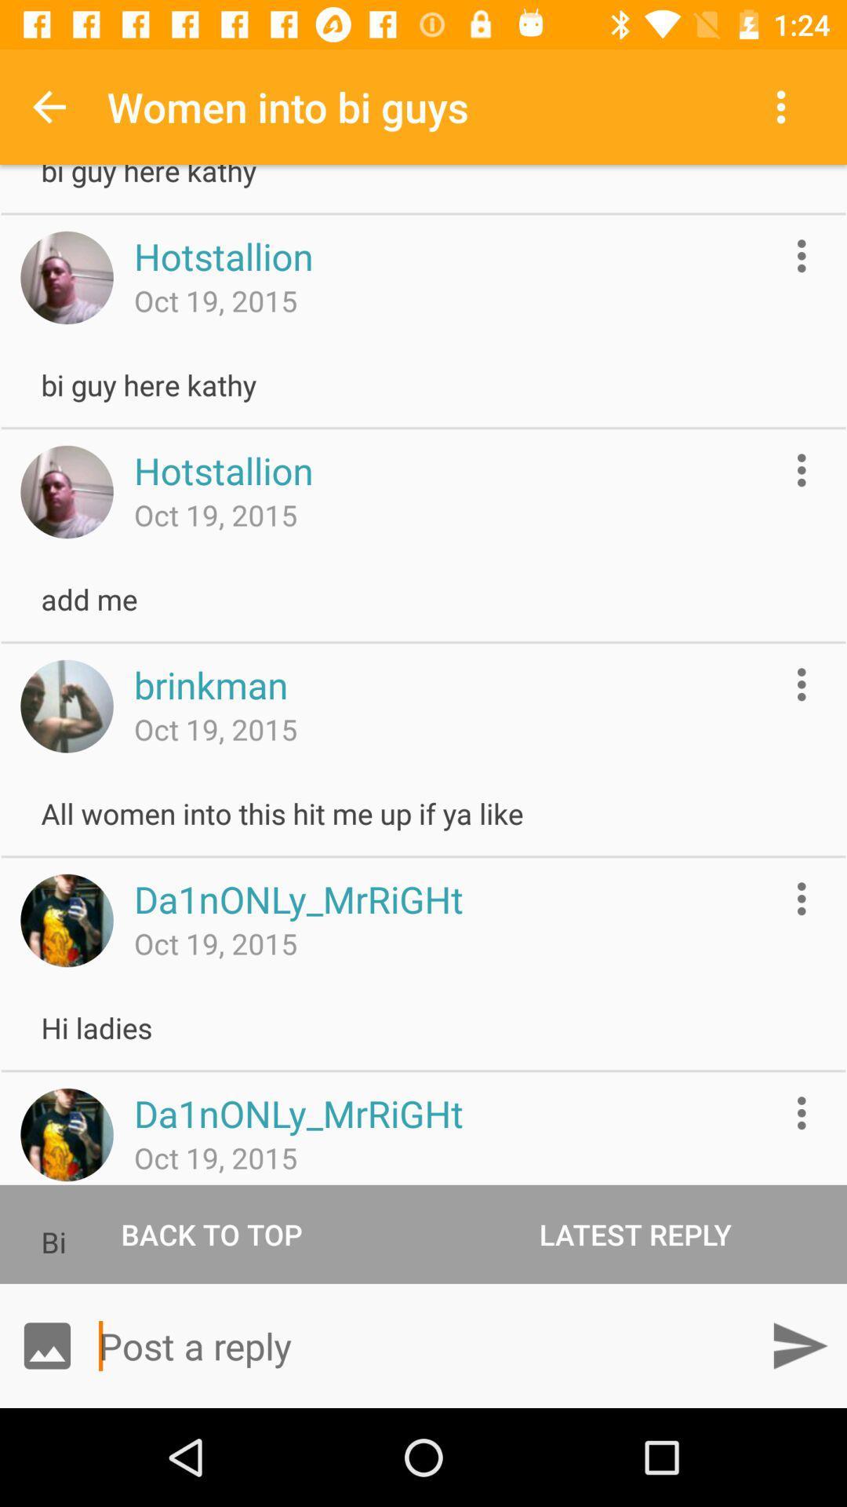 This screenshot has width=847, height=1507. What do you see at coordinates (66, 491) in the screenshot?
I see `profile picture` at bounding box center [66, 491].